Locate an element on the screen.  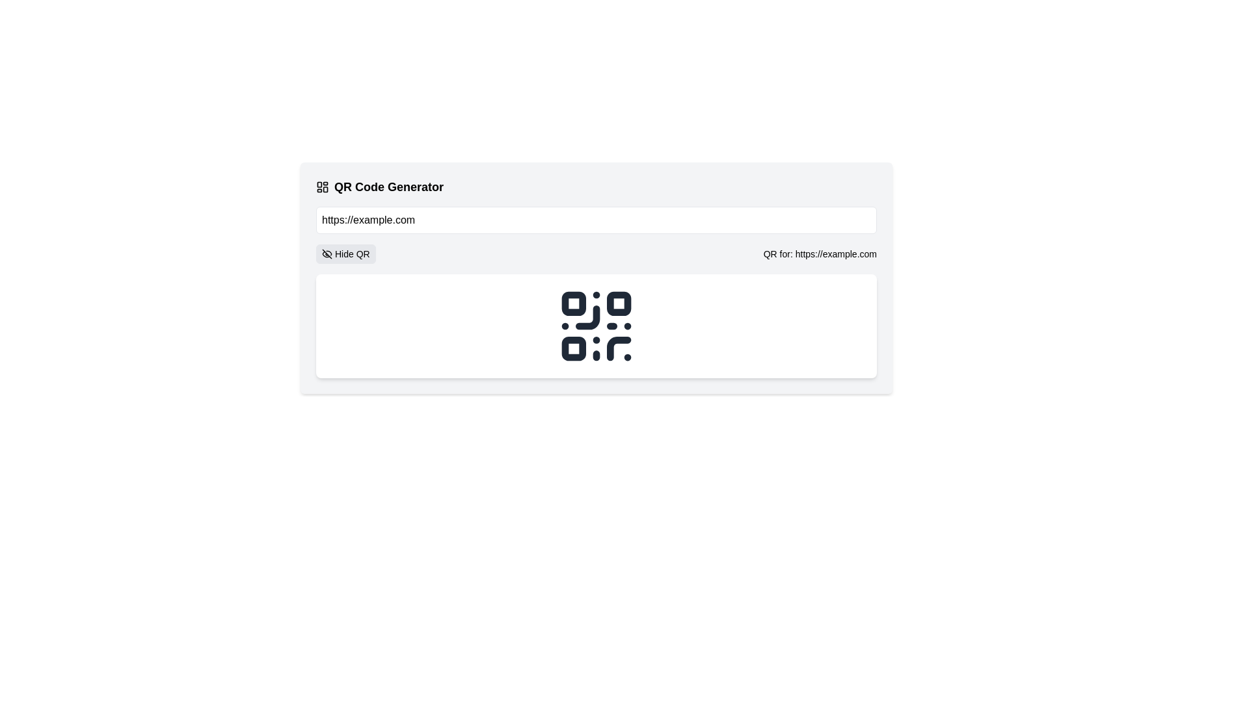
the small square with rounded corners located in the bottom-left segment of the QR code symbol is located at coordinates (573, 348).